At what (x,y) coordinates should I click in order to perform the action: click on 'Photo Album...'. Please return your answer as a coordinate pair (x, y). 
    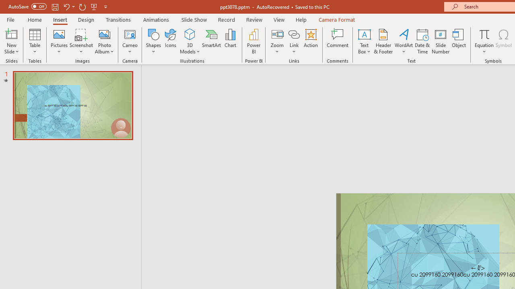
    Looking at the image, I should click on (104, 41).